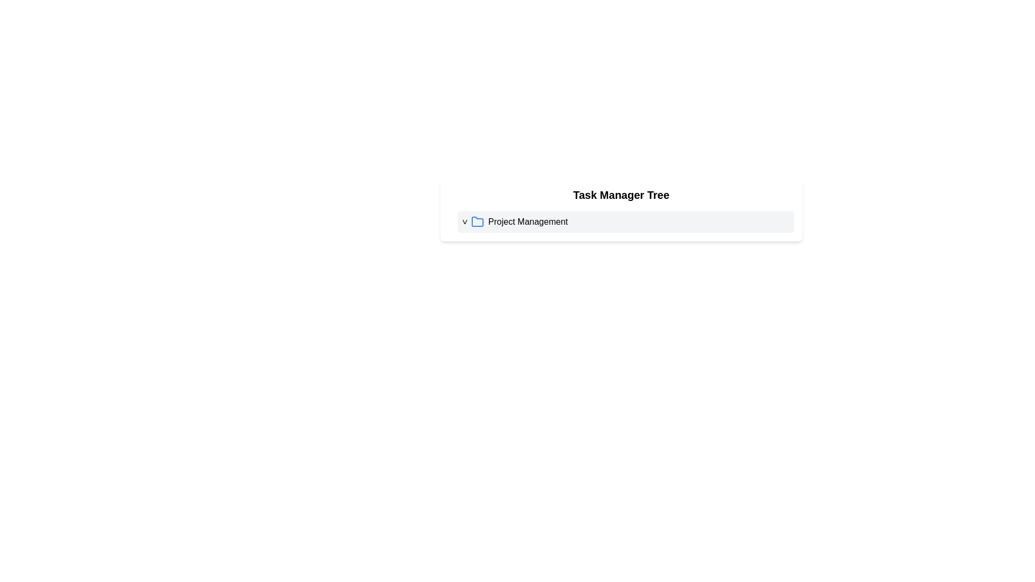  Describe the element at coordinates (464, 221) in the screenshot. I see `the expandable/collapsible icon located at the far left of the 'Project Management' group` at that location.